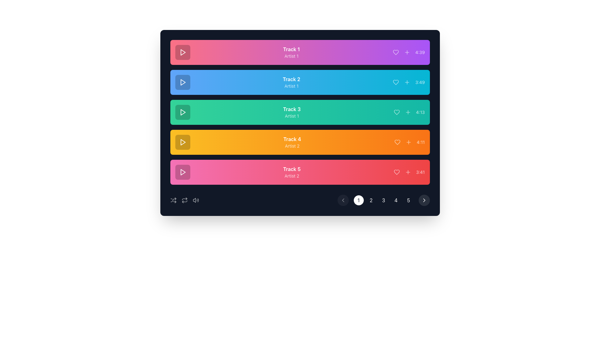 This screenshot has height=337, width=599. What do you see at coordinates (182, 82) in the screenshot?
I see `the triangular play icon button located in the second row of the track list to initiate playback` at bounding box center [182, 82].